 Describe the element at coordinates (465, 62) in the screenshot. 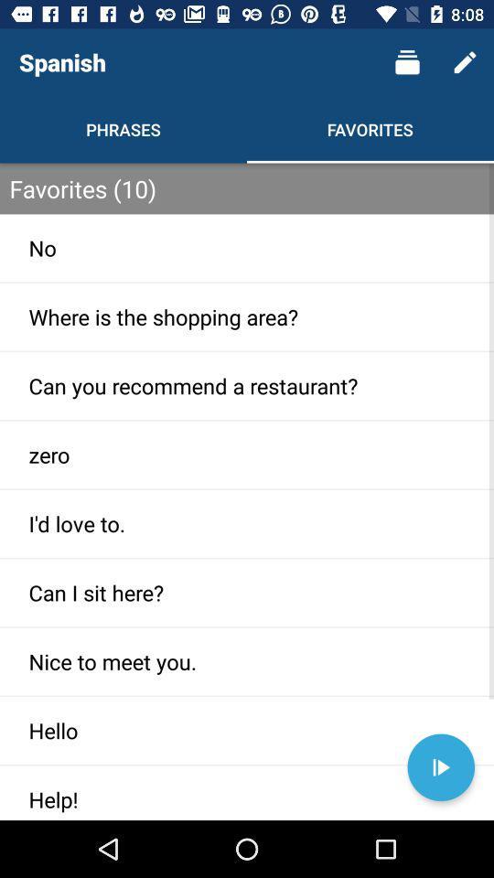

I see `the icon above favorites (10) item` at that location.